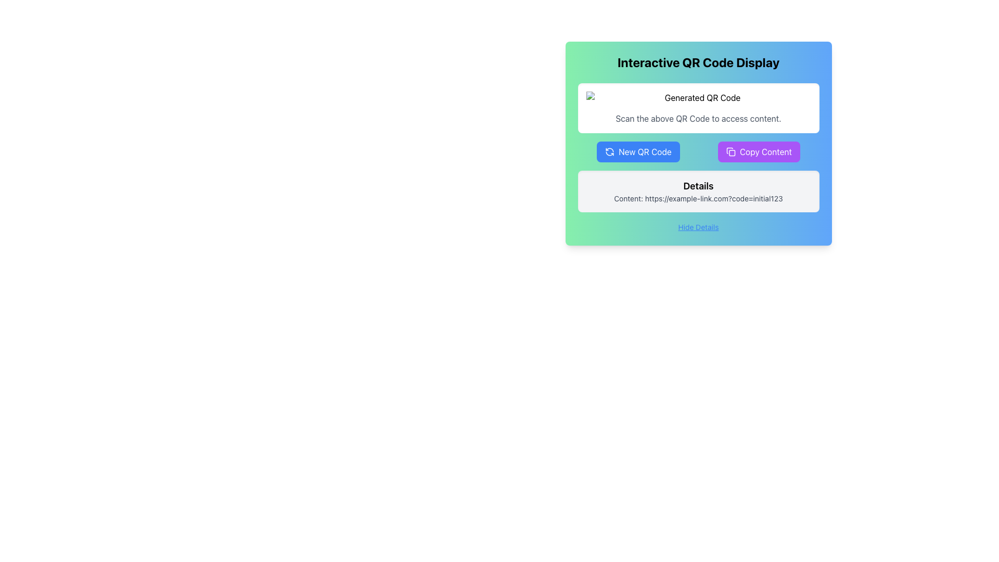 The width and height of the screenshot is (999, 562). Describe the element at coordinates (765, 152) in the screenshot. I see `the 'Copy Content' button, which is a purple rectangular button with rounded corners, to copy the content` at that location.